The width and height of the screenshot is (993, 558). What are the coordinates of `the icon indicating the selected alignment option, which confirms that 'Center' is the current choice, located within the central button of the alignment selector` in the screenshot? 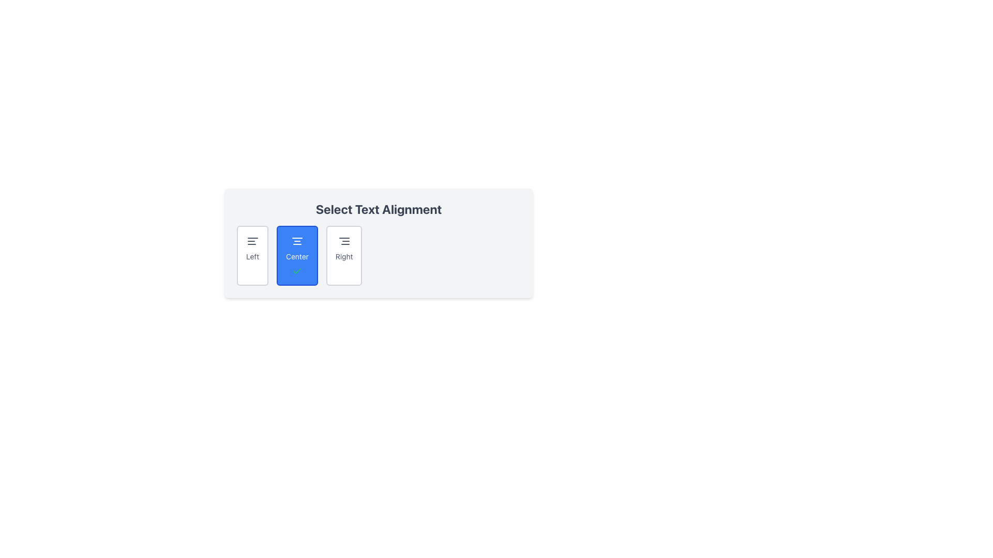 It's located at (297, 270).